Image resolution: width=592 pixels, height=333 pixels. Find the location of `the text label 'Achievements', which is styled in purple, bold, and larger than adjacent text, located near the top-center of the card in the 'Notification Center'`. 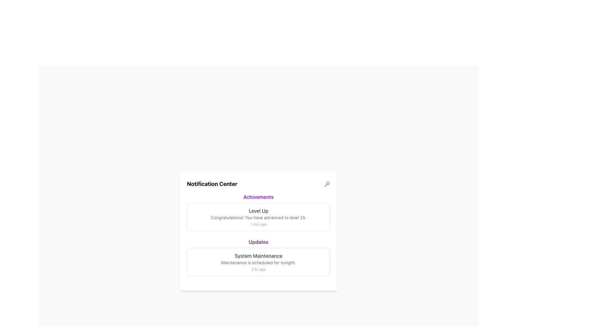

the text label 'Achievements', which is styled in purple, bold, and larger than adjacent text, located near the top-center of the card in the 'Notification Center' is located at coordinates (258, 197).